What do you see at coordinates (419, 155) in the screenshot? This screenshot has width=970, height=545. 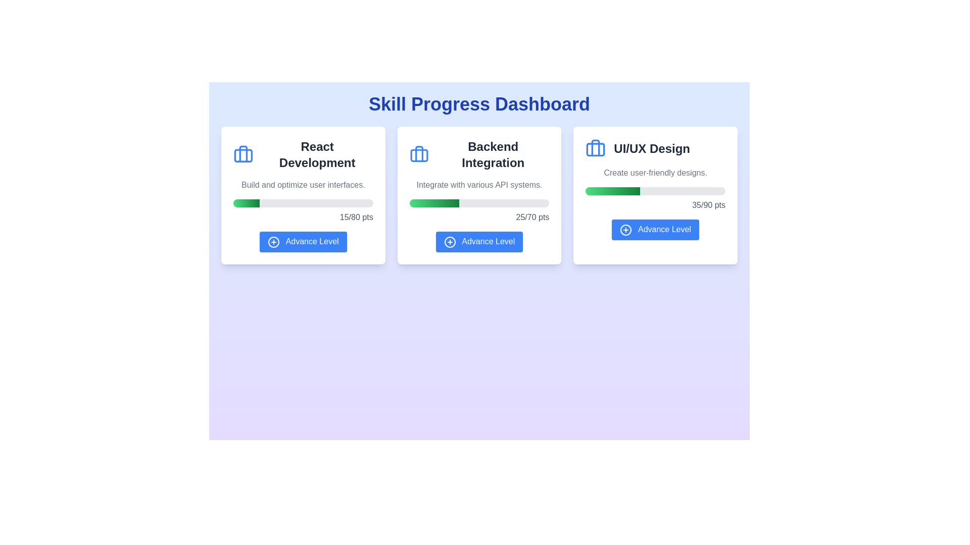 I see `the Icon component, which is a horizontal rectangular shape with a blue outline, located centrally within a briefcase shape above the 'Backend Integration' card` at bounding box center [419, 155].